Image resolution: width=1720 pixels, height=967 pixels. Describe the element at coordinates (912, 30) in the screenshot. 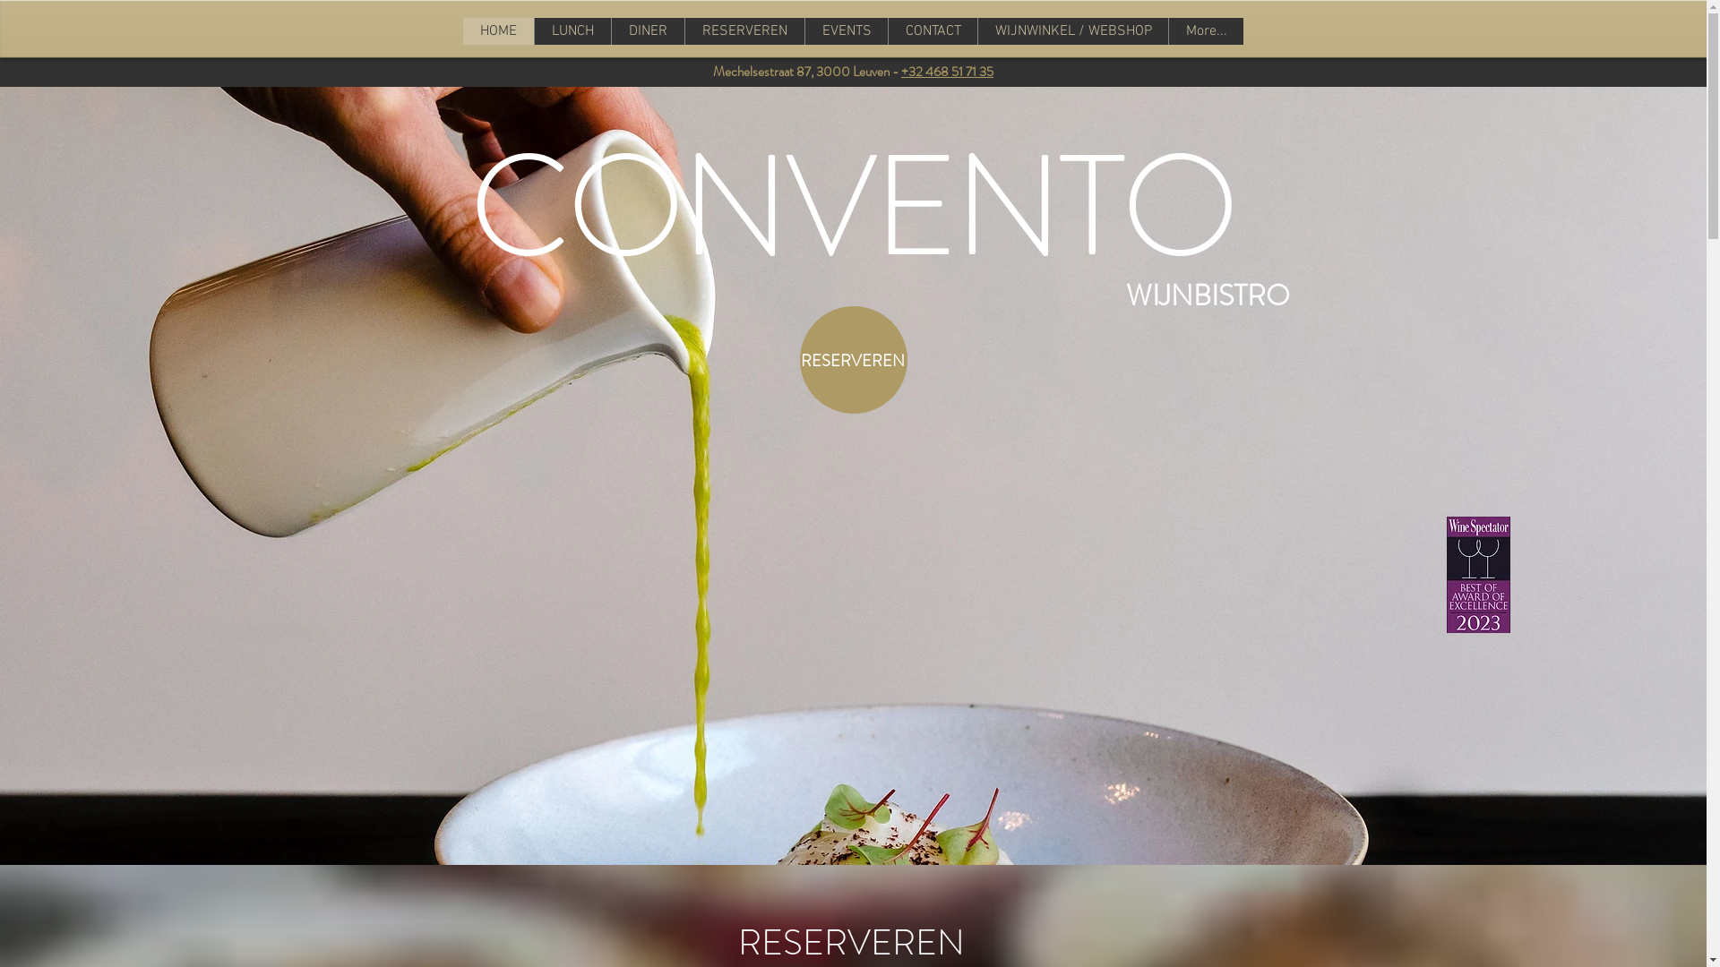

I see `'EVENTS'` at that location.